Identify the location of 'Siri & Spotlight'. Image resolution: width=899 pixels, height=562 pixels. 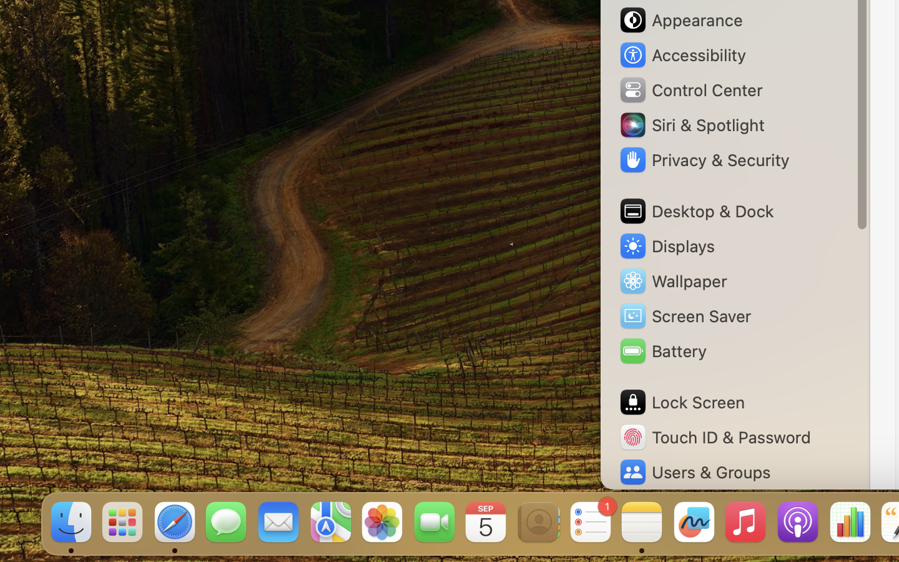
(690, 124).